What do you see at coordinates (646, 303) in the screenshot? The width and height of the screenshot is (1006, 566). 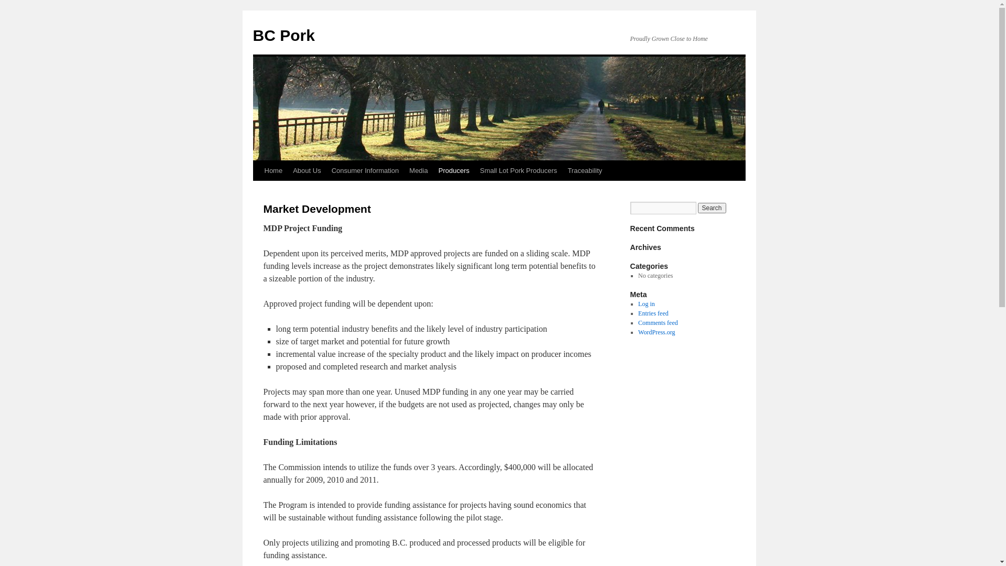 I see `'Log in'` at bounding box center [646, 303].